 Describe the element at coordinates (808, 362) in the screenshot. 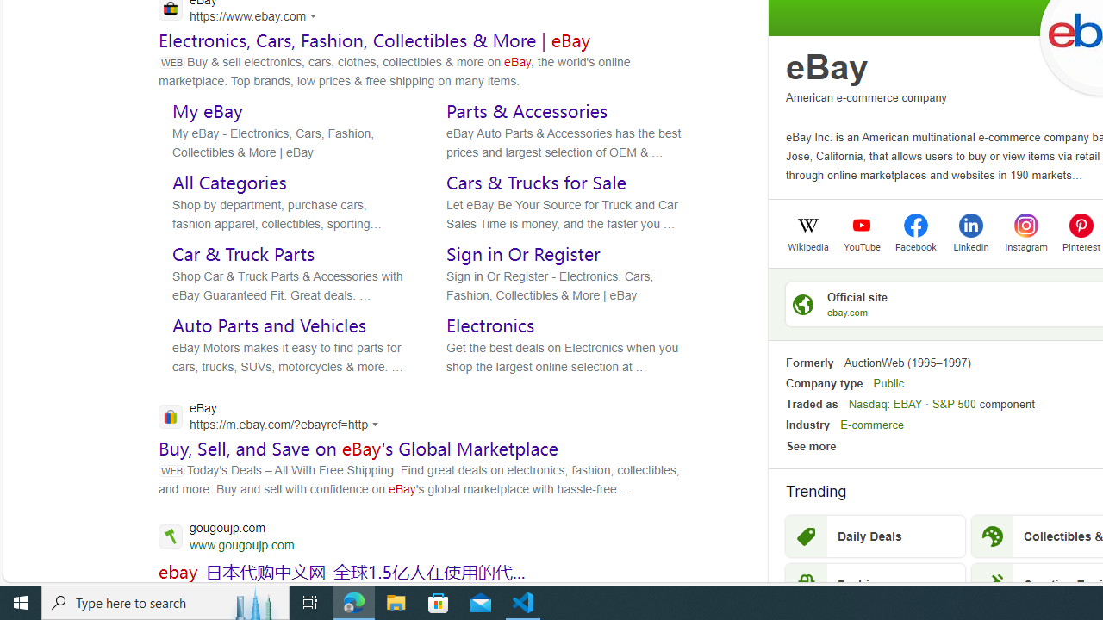

I see `'Formerly'` at that location.